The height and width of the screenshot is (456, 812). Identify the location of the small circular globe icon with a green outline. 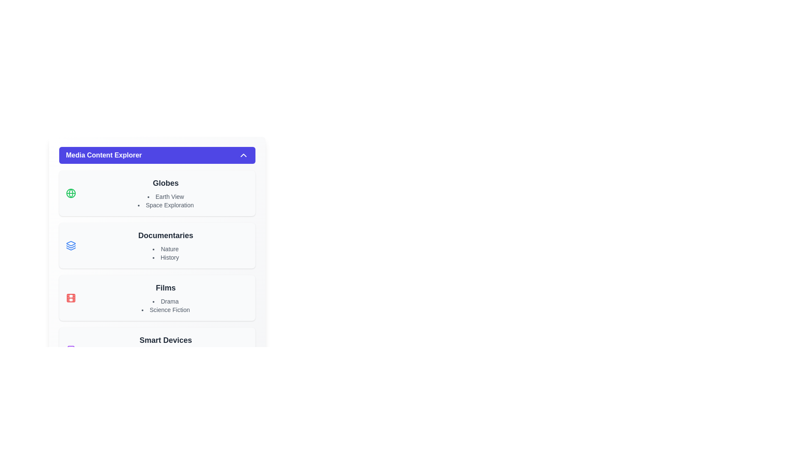
(71, 193).